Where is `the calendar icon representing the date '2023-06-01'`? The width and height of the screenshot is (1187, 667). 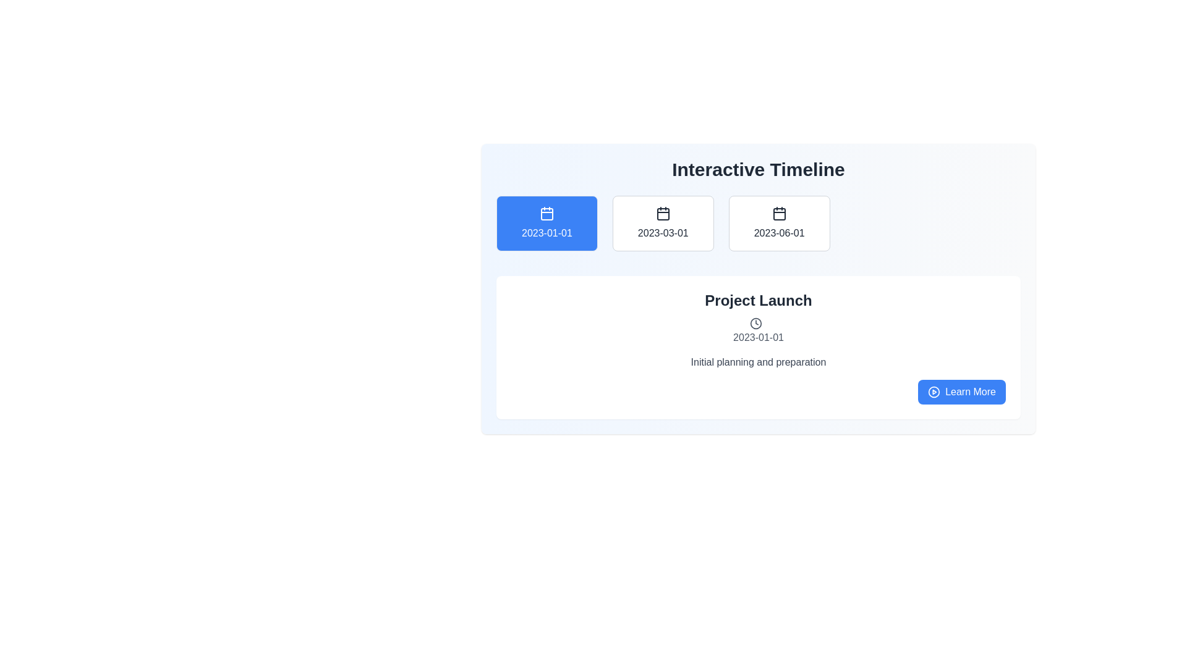
the calendar icon representing the date '2023-06-01' is located at coordinates (778, 213).